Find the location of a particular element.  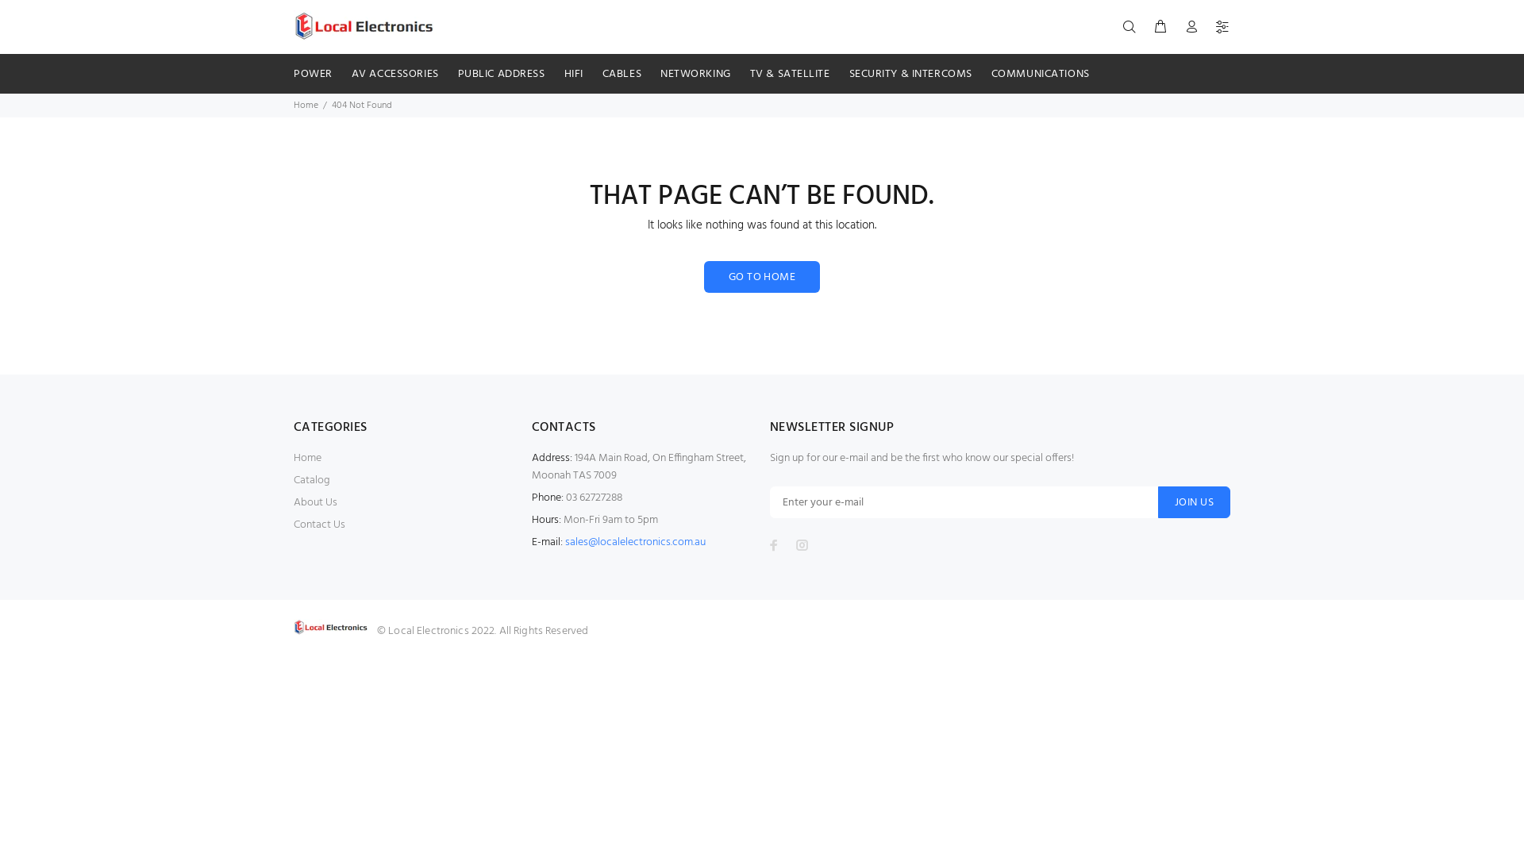

'NETWORKING' is located at coordinates (695, 73).